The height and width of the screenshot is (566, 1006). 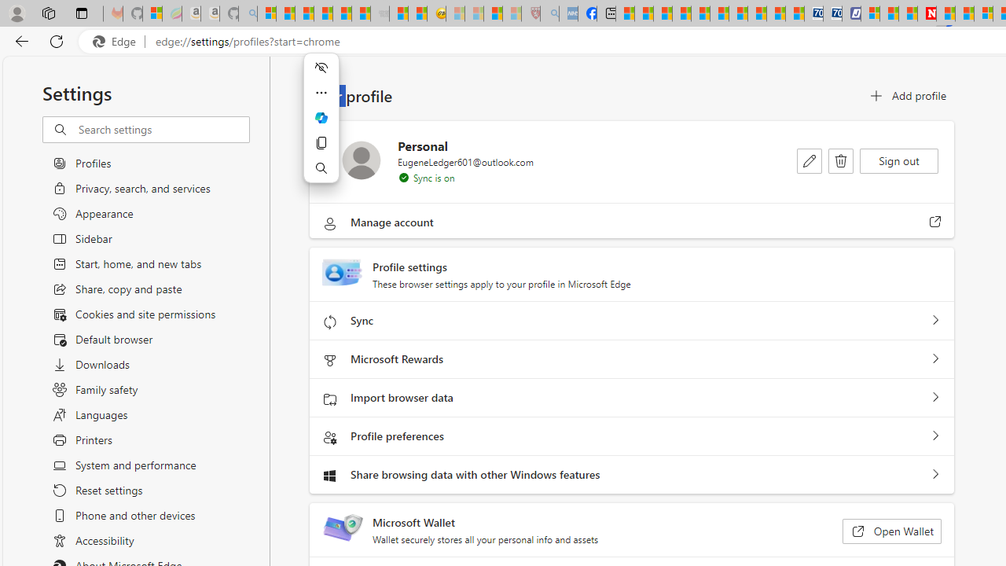 What do you see at coordinates (320, 67) in the screenshot?
I see `'Hide menu'` at bounding box center [320, 67].